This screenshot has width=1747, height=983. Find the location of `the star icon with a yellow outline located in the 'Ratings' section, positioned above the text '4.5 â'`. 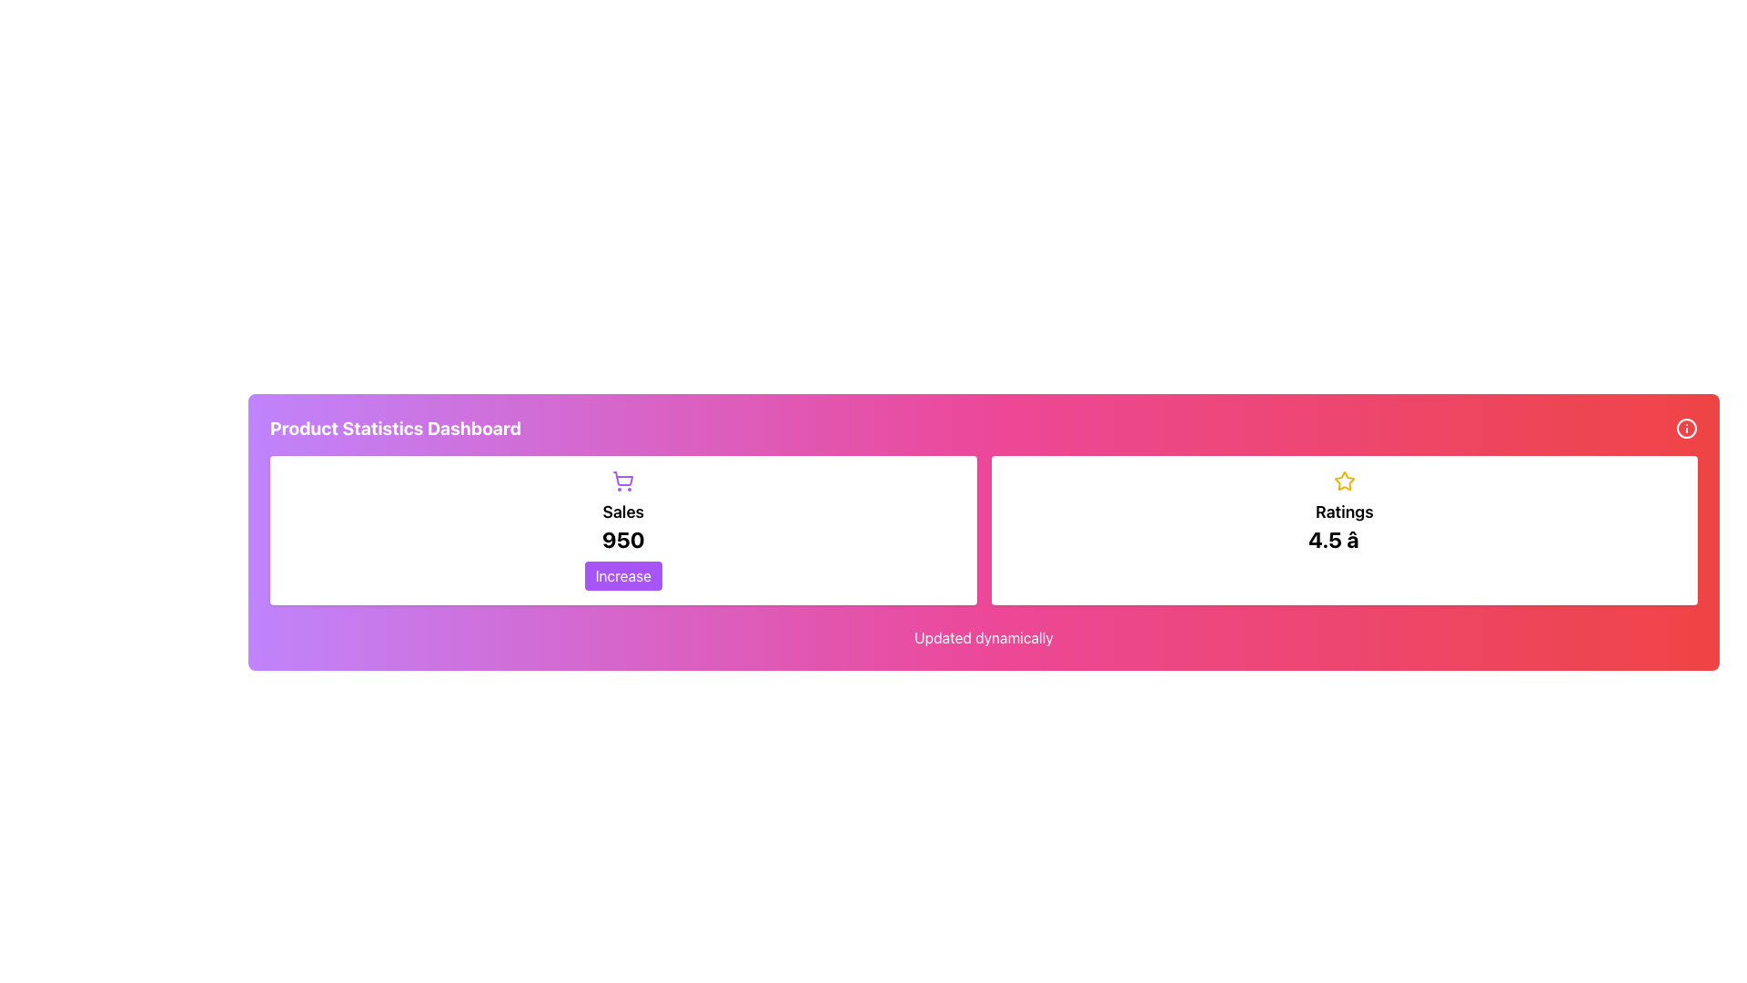

the star icon with a yellow outline located in the 'Ratings' section, positioned above the text '4.5 â' is located at coordinates (1344, 480).